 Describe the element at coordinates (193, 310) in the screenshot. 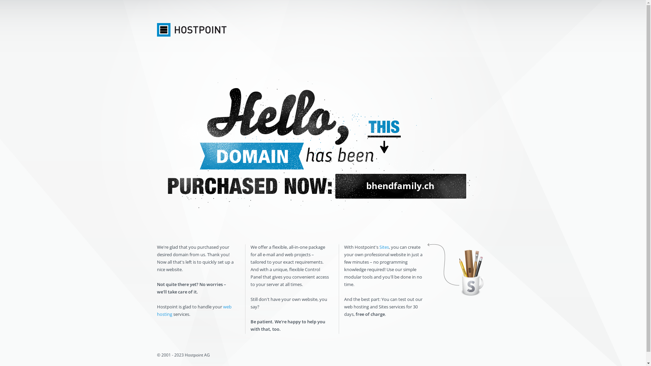

I see `'web hosting'` at that location.